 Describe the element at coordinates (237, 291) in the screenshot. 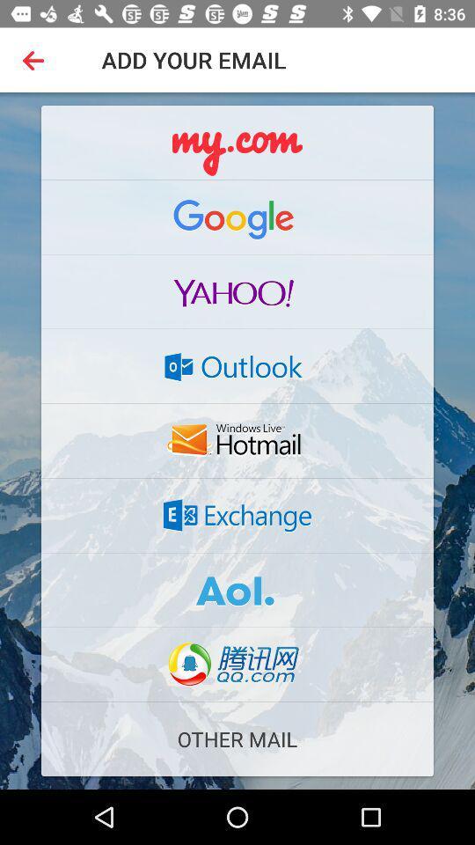

I see `add yahoo email` at that location.